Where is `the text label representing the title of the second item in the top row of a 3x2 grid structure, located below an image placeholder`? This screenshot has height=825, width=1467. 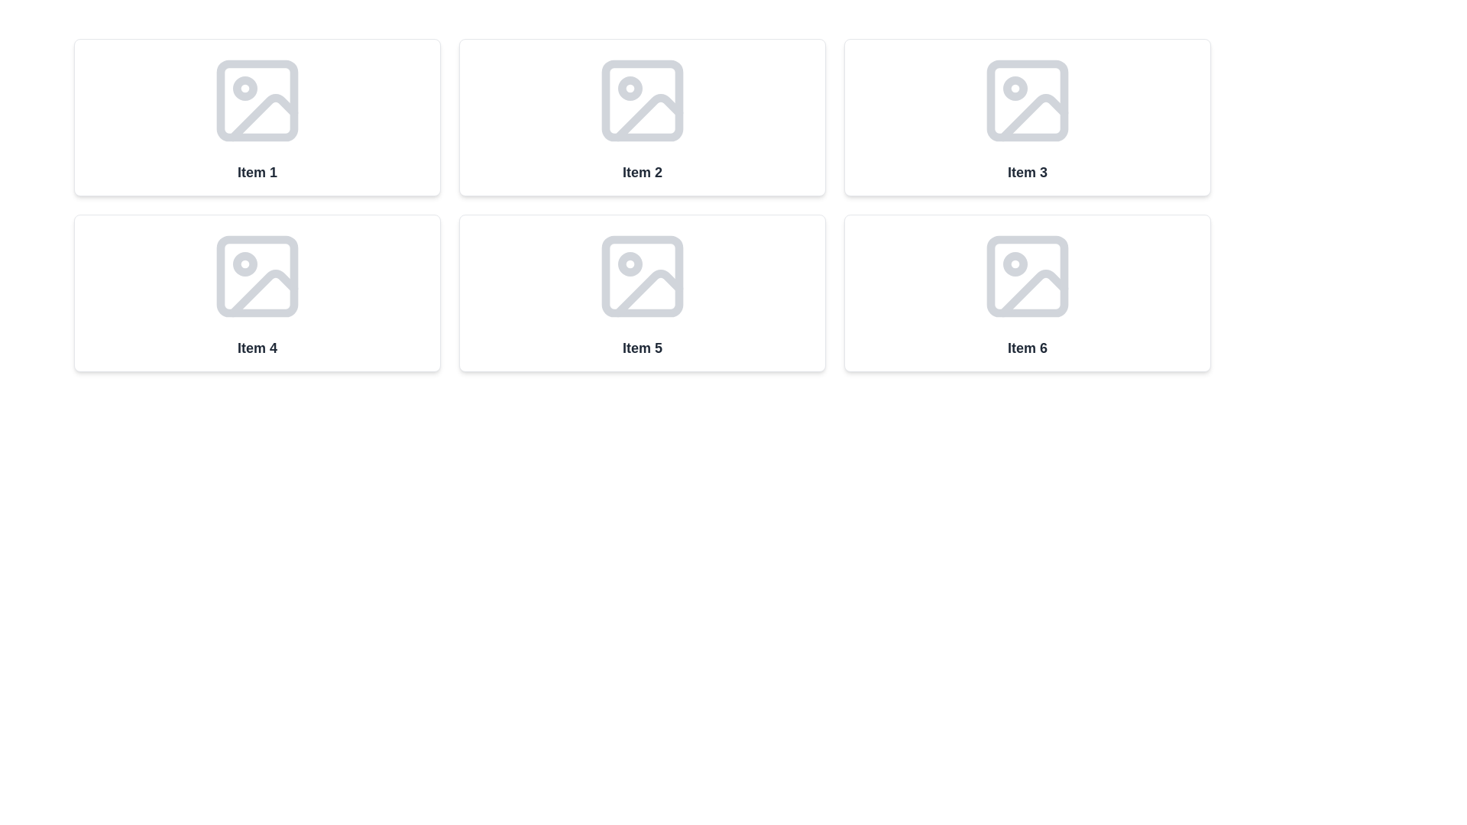 the text label representing the title of the second item in the top row of a 3x2 grid structure, located below an image placeholder is located at coordinates (642, 172).